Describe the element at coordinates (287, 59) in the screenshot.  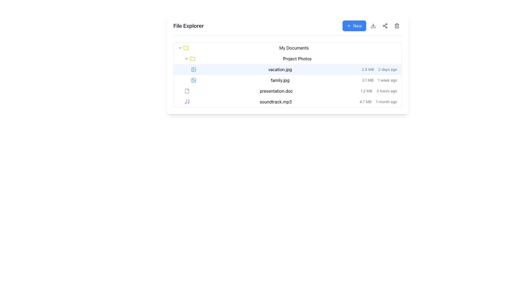
I see `the 'Project Photos' folder in the navigation list` at that location.